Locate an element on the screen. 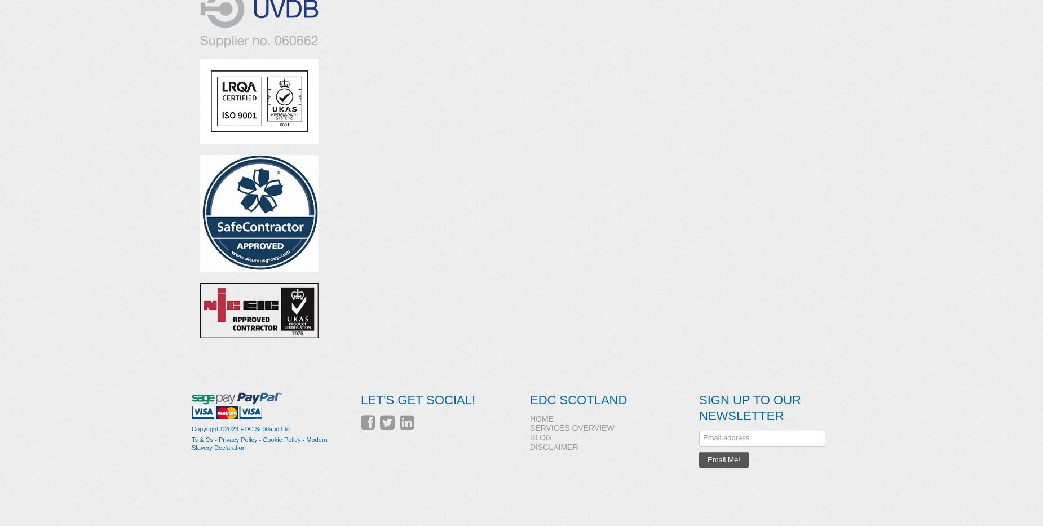  'Sign up to our Newsletter' is located at coordinates (749, 407).